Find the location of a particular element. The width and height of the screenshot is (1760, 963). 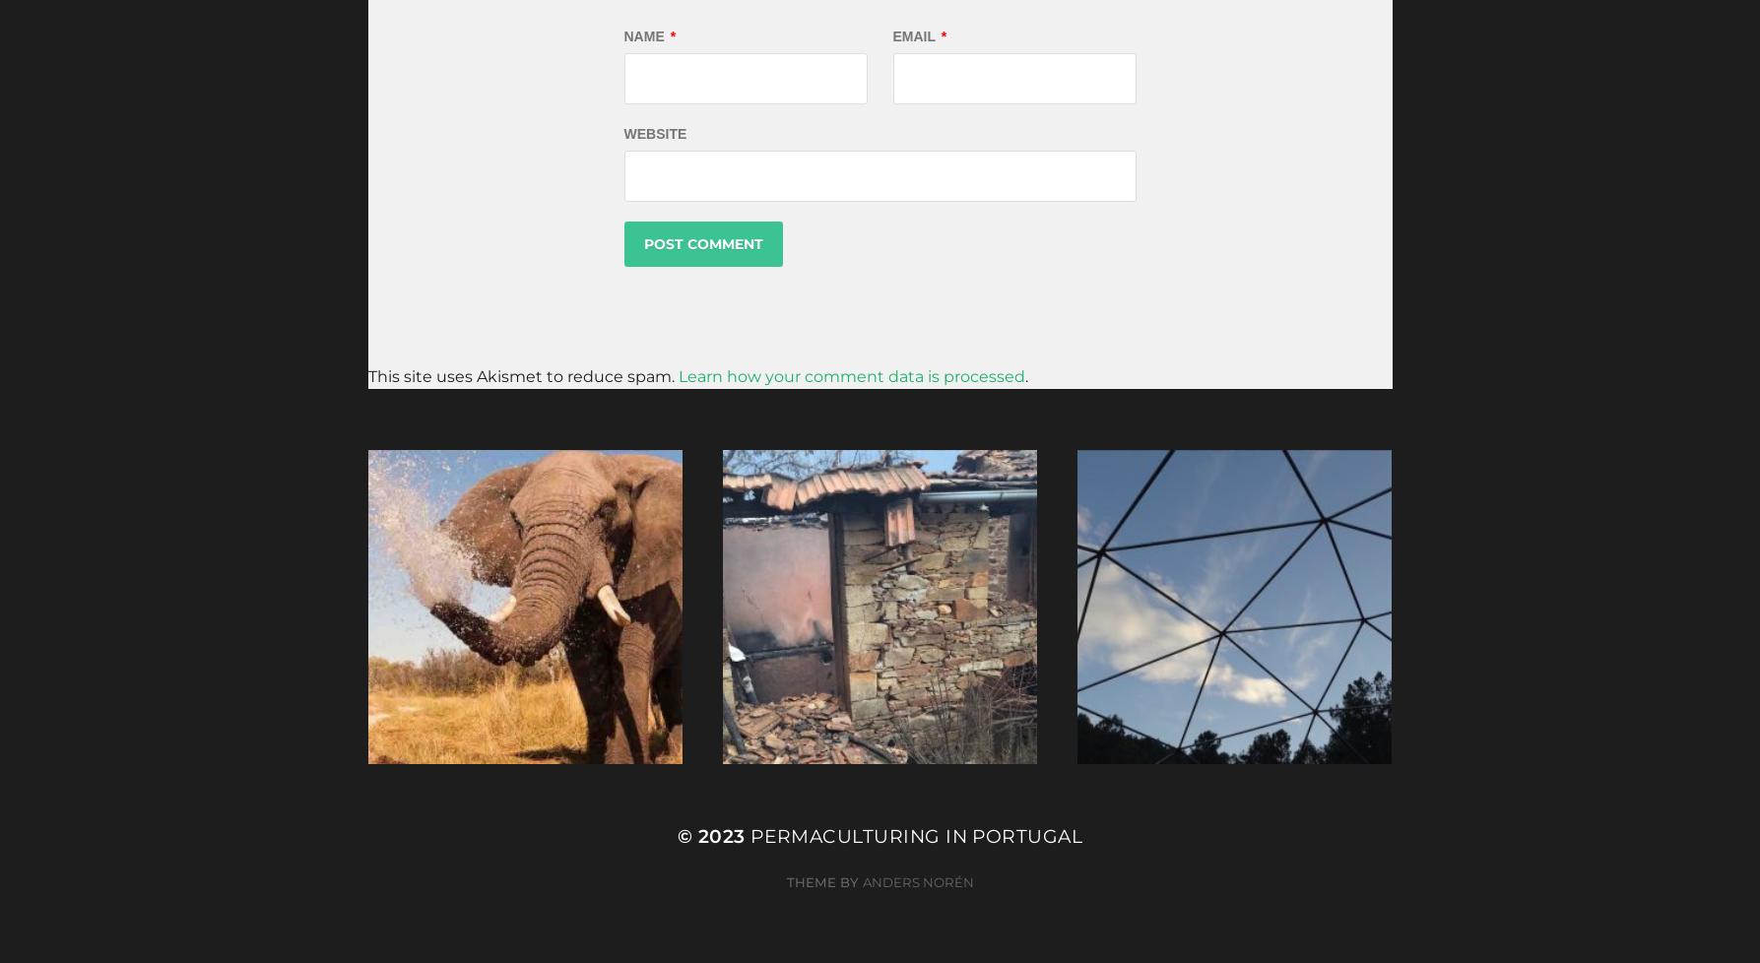

'Changing the climate conversation' is located at coordinates (396, 688).